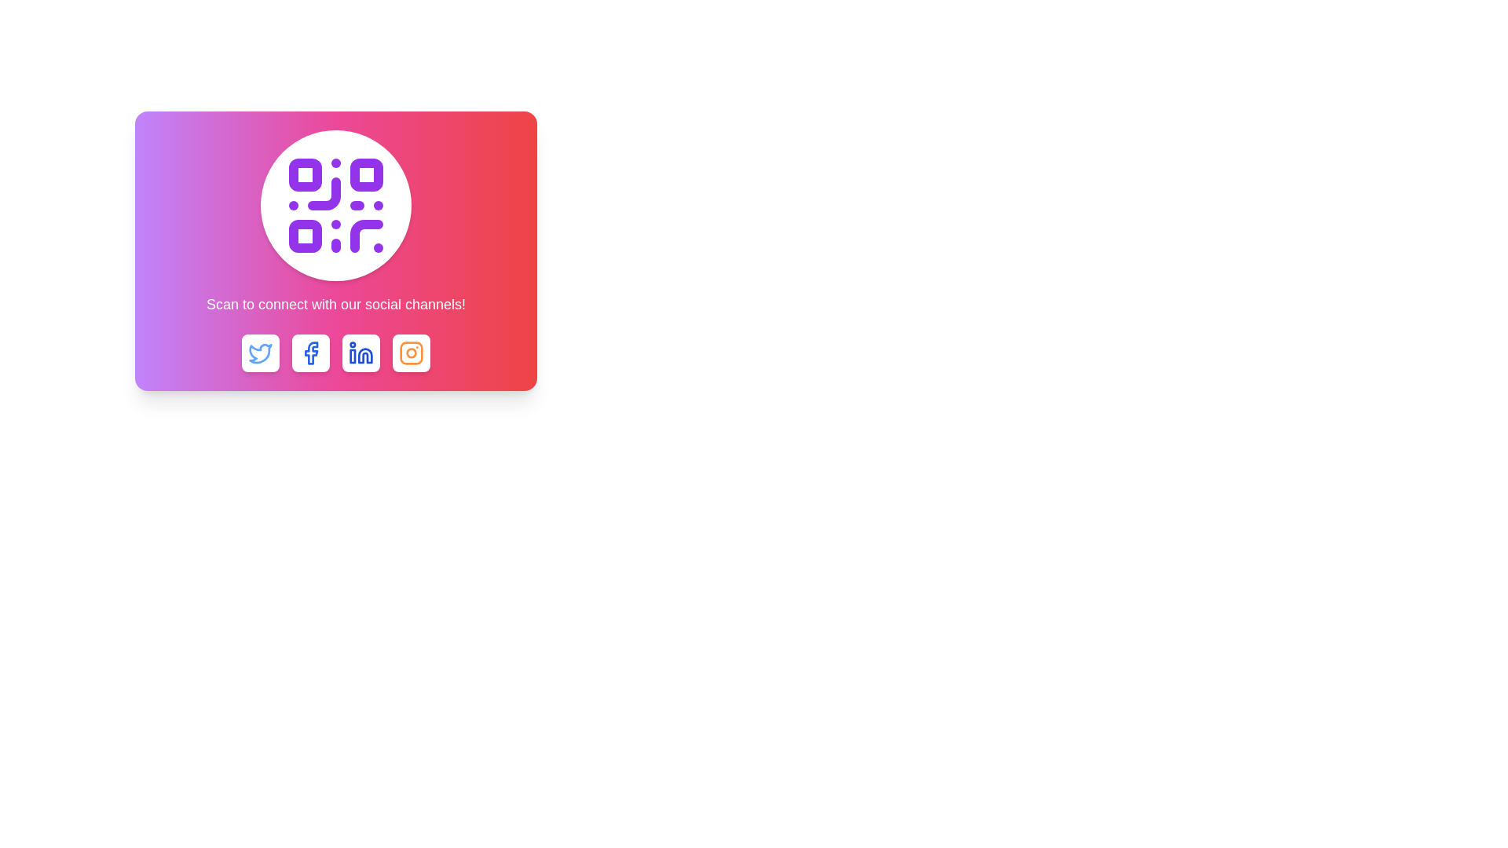  I want to click on the small purple square with rounded corners located in the top-left section of the QR code graphic, so click(305, 175).